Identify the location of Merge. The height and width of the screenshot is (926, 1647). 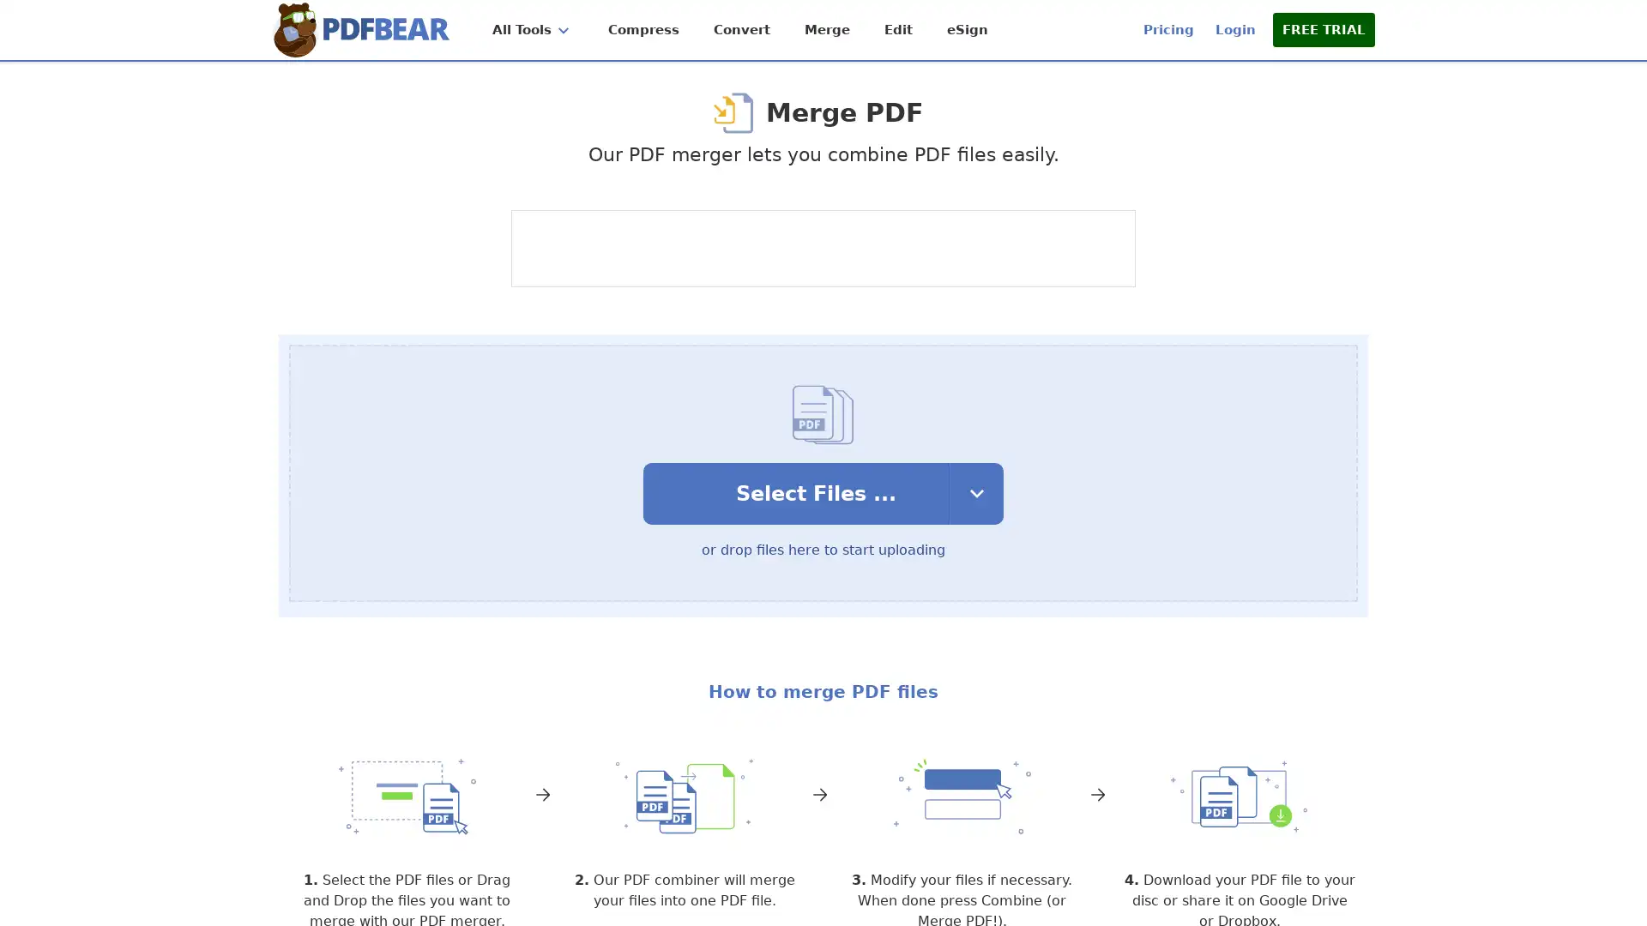
(826, 29).